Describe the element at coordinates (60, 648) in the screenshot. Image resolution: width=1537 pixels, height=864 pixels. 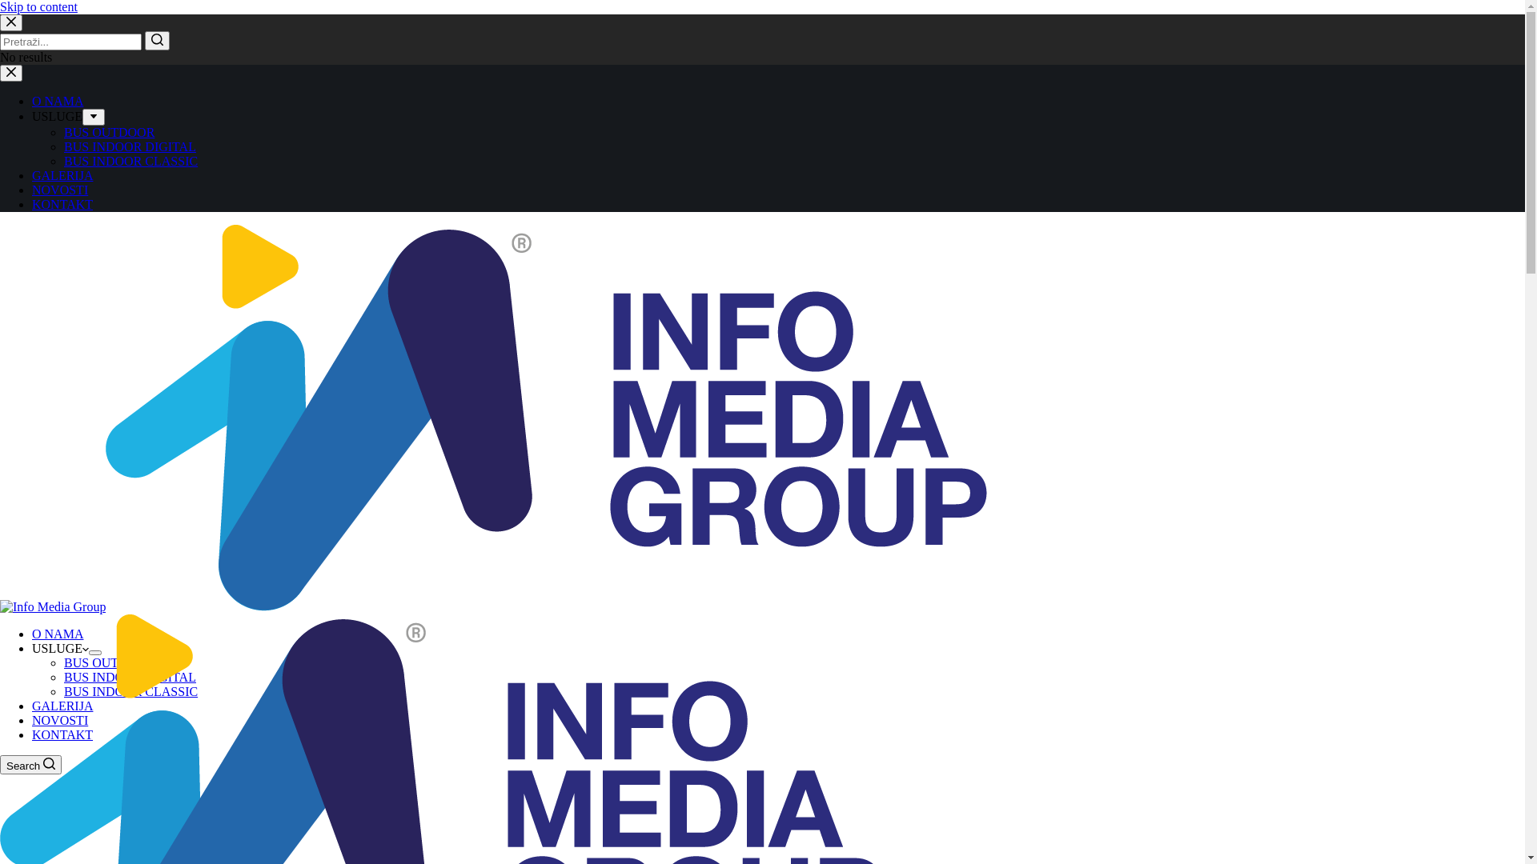
I see `'USLUGE'` at that location.